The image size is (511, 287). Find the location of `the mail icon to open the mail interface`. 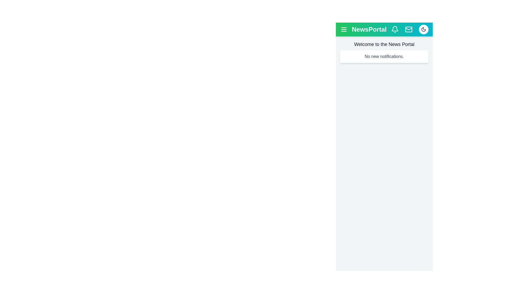

the mail icon to open the mail interface is located at coordinates (409, 29).